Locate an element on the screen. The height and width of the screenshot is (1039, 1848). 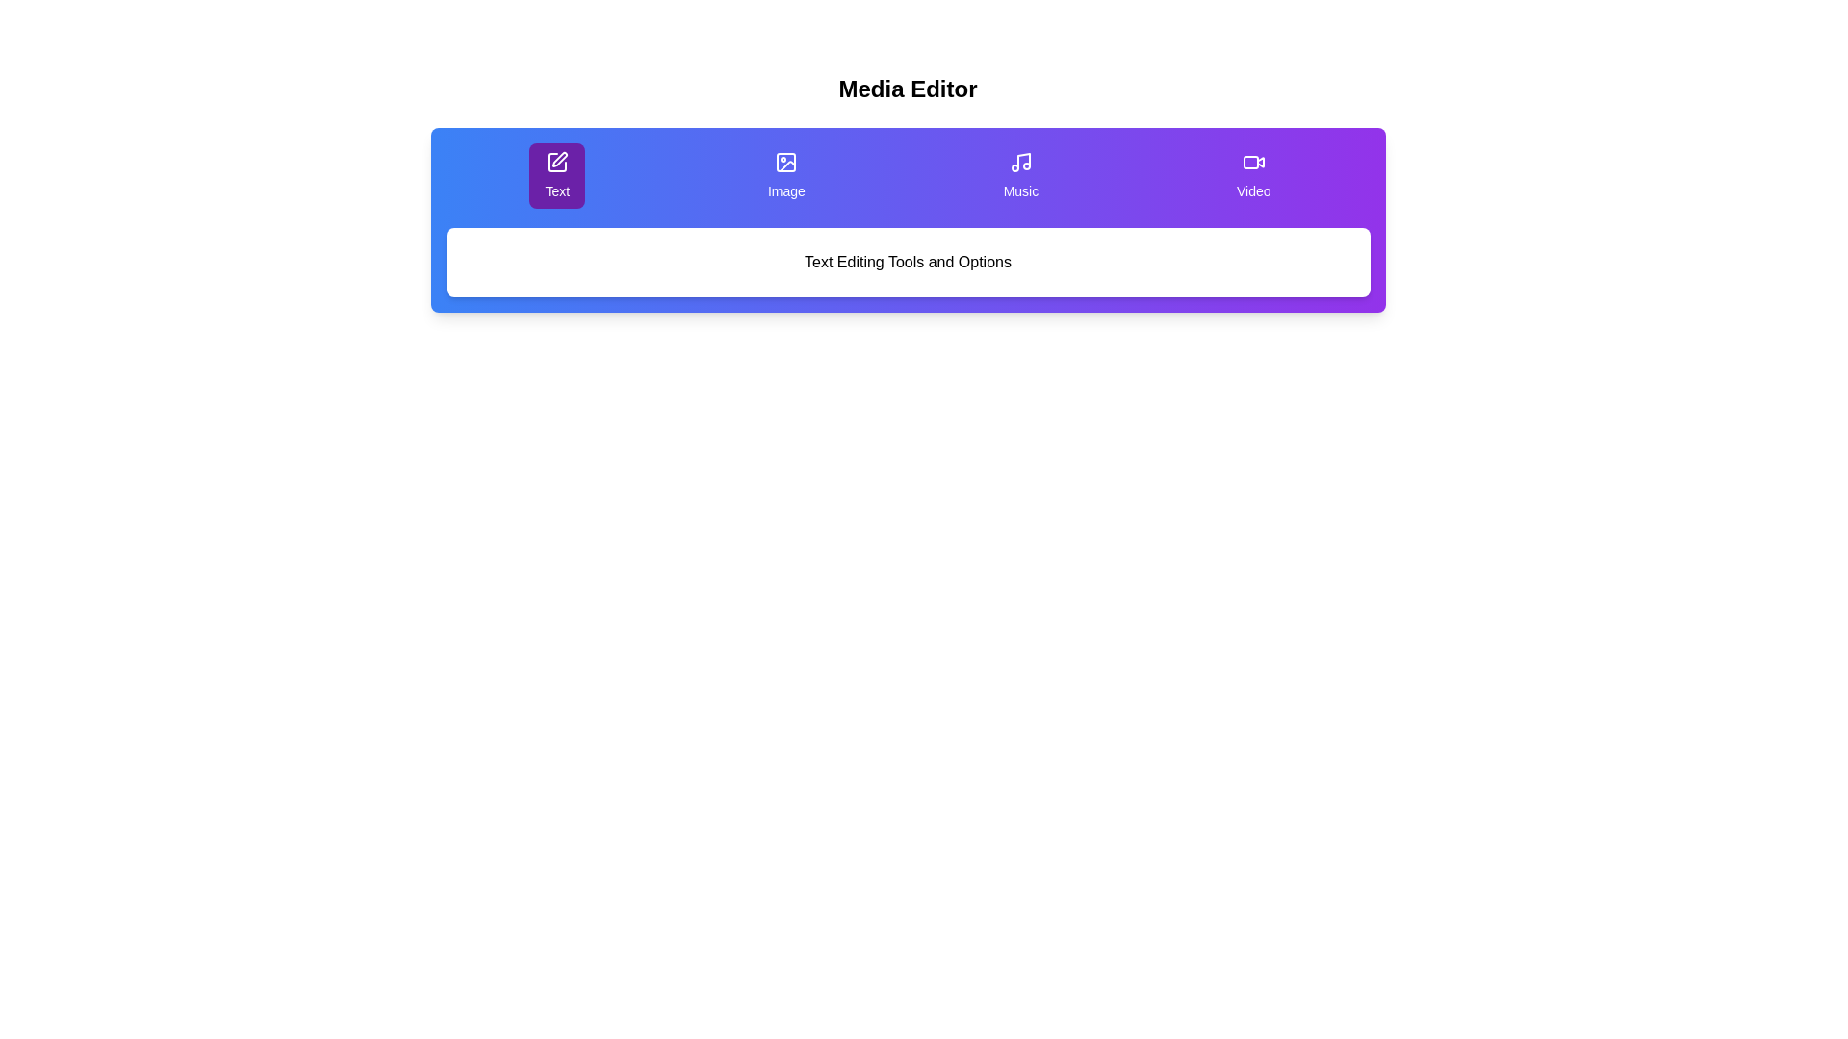
the decorative SVG graphic within the purple button labeled 'Text' located at the top-left of the gradient toolbar is located at coordinates (556, 162).